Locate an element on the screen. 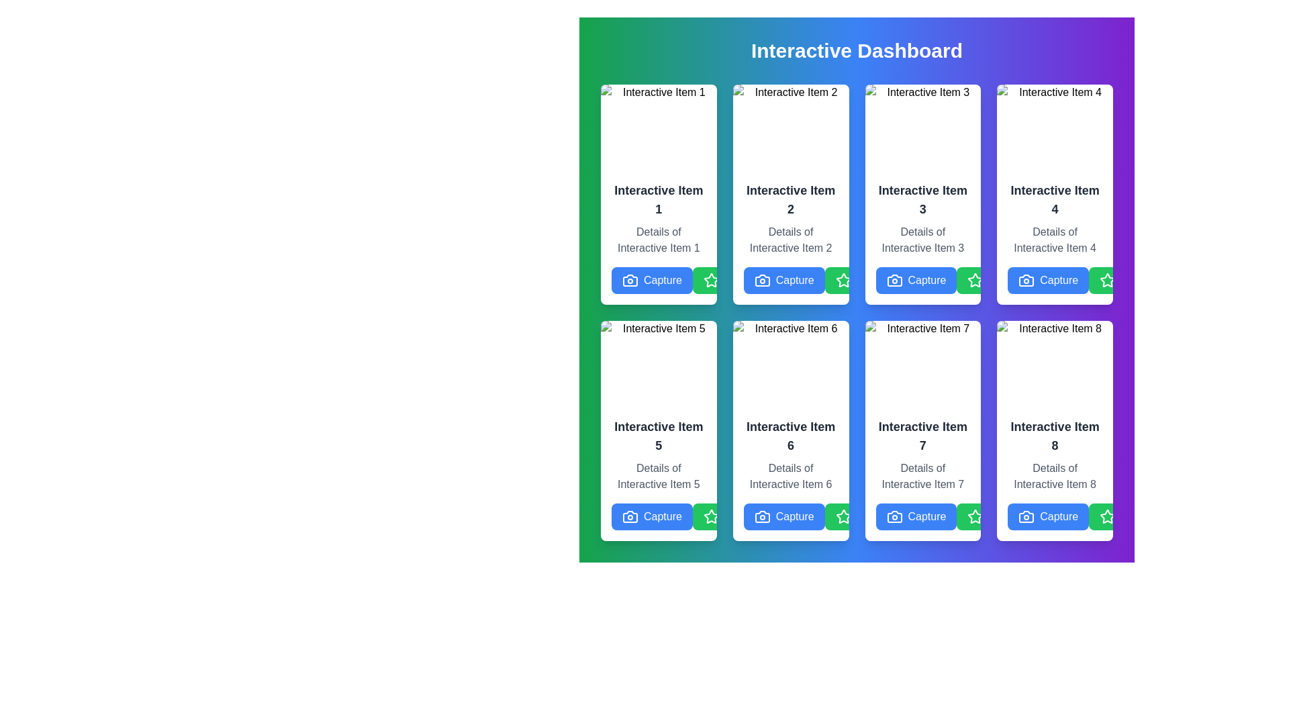 The image size is (1289, 725). the descriptive text element located below the title 'Interactive Item 2' and above the 'Capture' button in the second card is located at coordinates (791, 240).